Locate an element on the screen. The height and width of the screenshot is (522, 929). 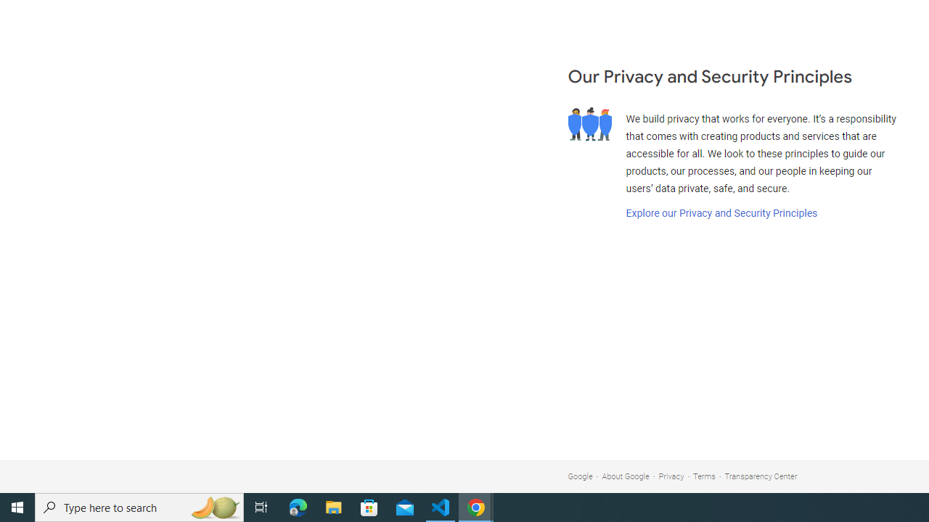
'Explore our Privacy and Security Principles' is located at coordinates (721, 213).